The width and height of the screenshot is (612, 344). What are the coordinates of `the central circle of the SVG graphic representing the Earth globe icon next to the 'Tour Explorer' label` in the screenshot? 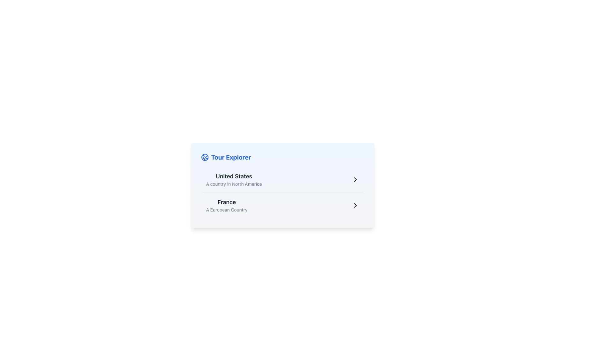 It's located at (205, 157).